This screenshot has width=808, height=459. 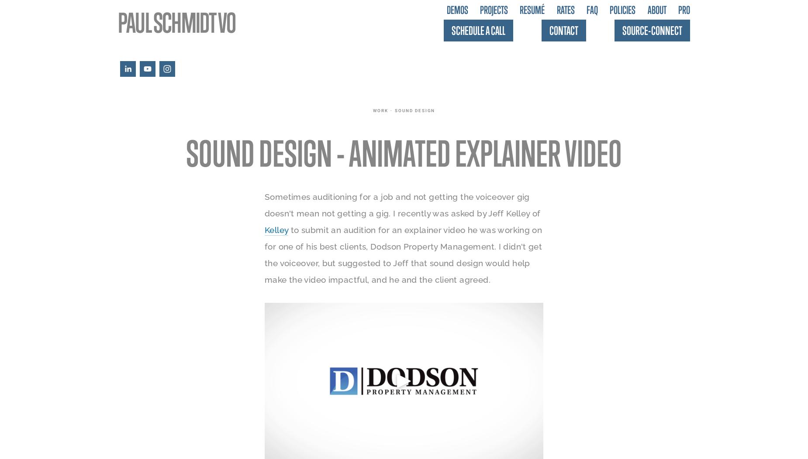 I want to click on 'Projects', so click(x=493, y=10).